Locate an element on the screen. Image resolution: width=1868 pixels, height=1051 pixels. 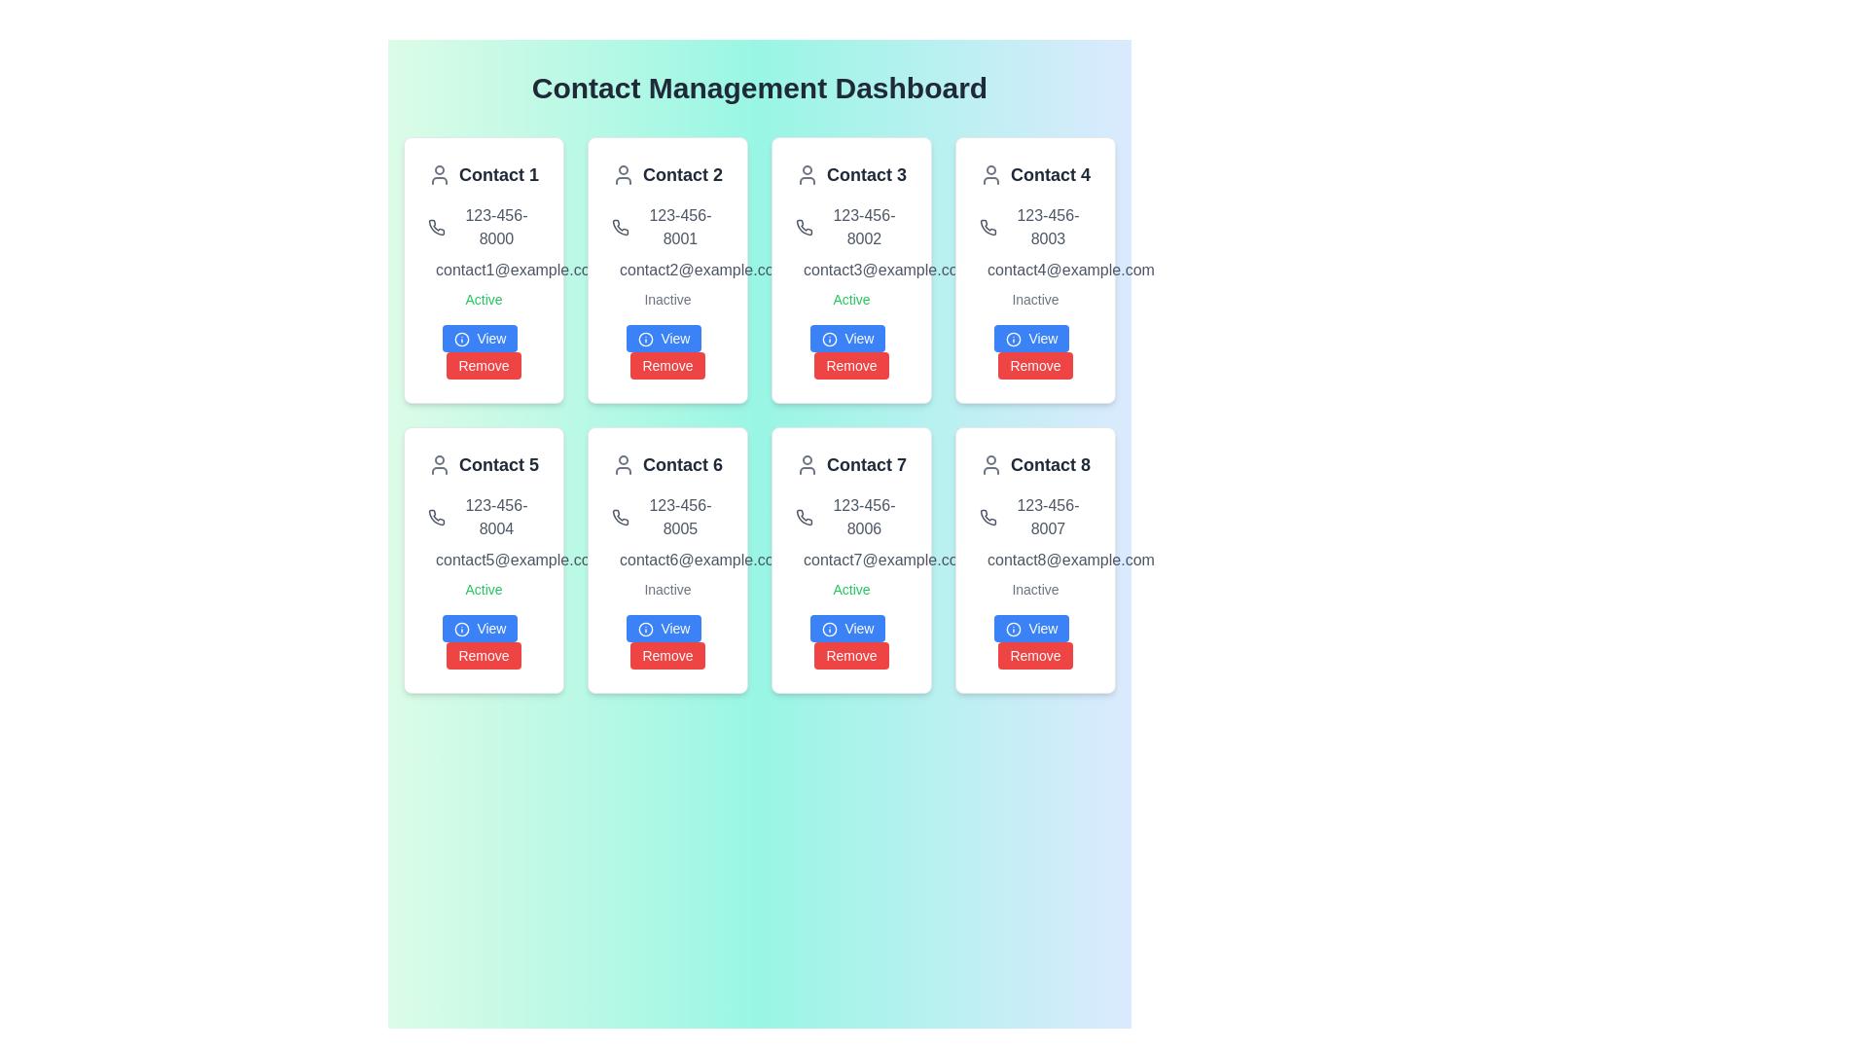
the telecommunication icon resembling a phone receiver located to the left of the phone number '123-456-8006' for 'Contact 7' is located at coordinates (804, 517).